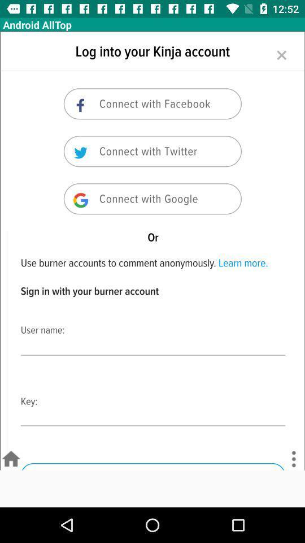 The height and width of the screenshot is (543, 305). I want to click on login page, so click(152, 251).